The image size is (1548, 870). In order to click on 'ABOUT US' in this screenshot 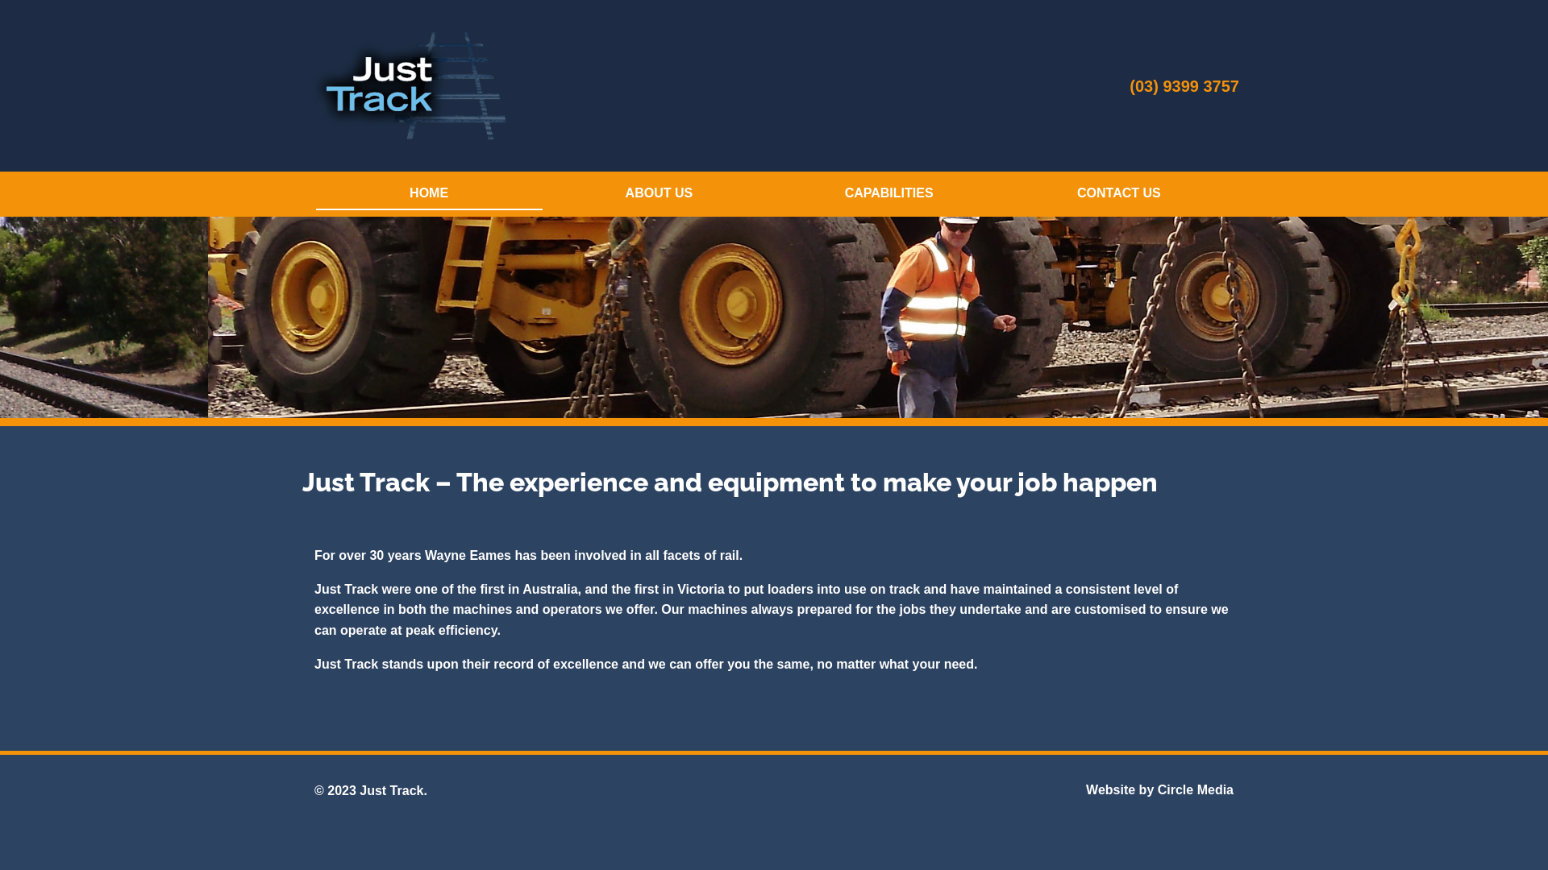, I will do `click(659, 193)`.